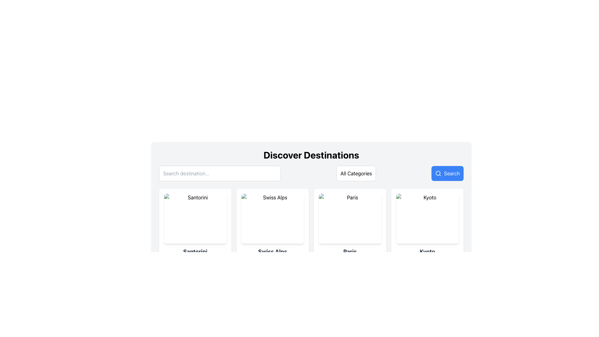 The height and width of the screenshot is (337, 599). Describe the element at coordinates (350, 251) in the screenshot. I see `text label displaying the name 'Paris' which is bold and medium-sized, located in the third card under 'Discover Destinations', positioned below the image section and above a rating display` at that location.